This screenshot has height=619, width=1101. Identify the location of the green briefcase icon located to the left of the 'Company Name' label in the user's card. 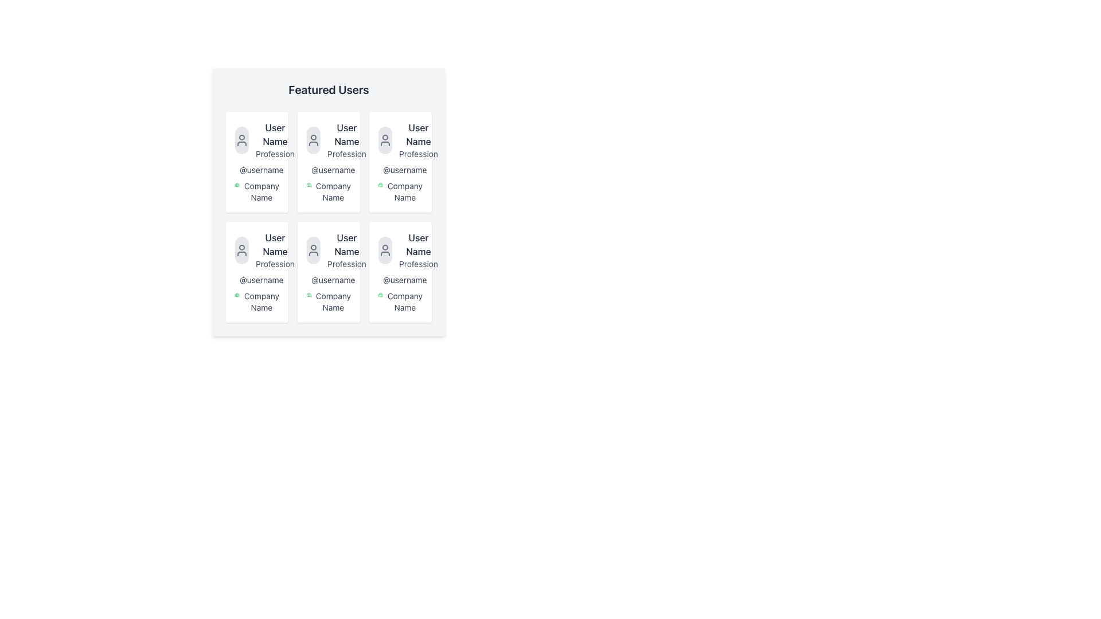
(236, 185).